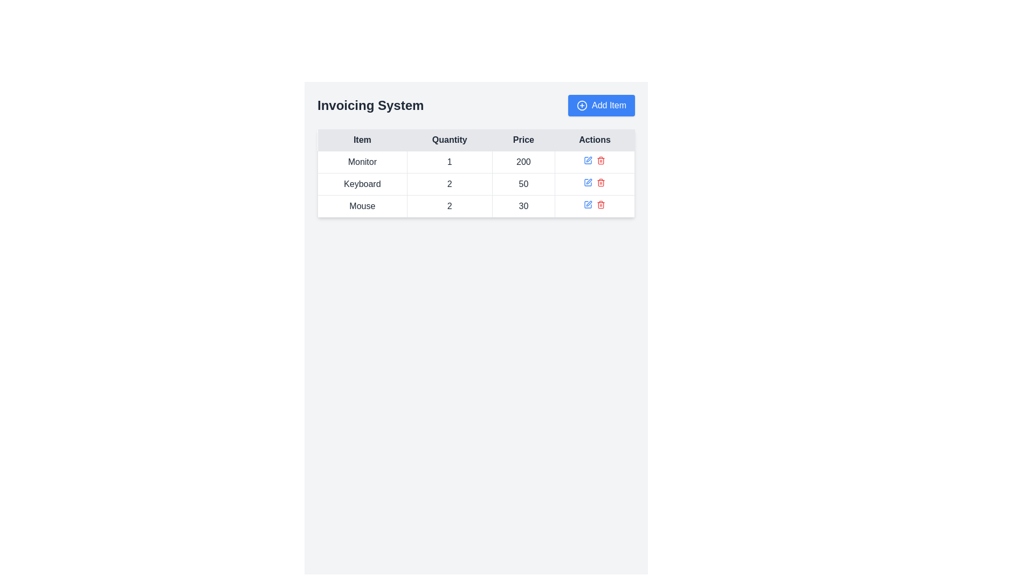 The height and width of the screenshot is (582, 1035). I want to click on the text node displaying the number '50' in the third column of the second row of a table, which is styled with a bordered box and aligns with adjacent cells, so click(523, 184).